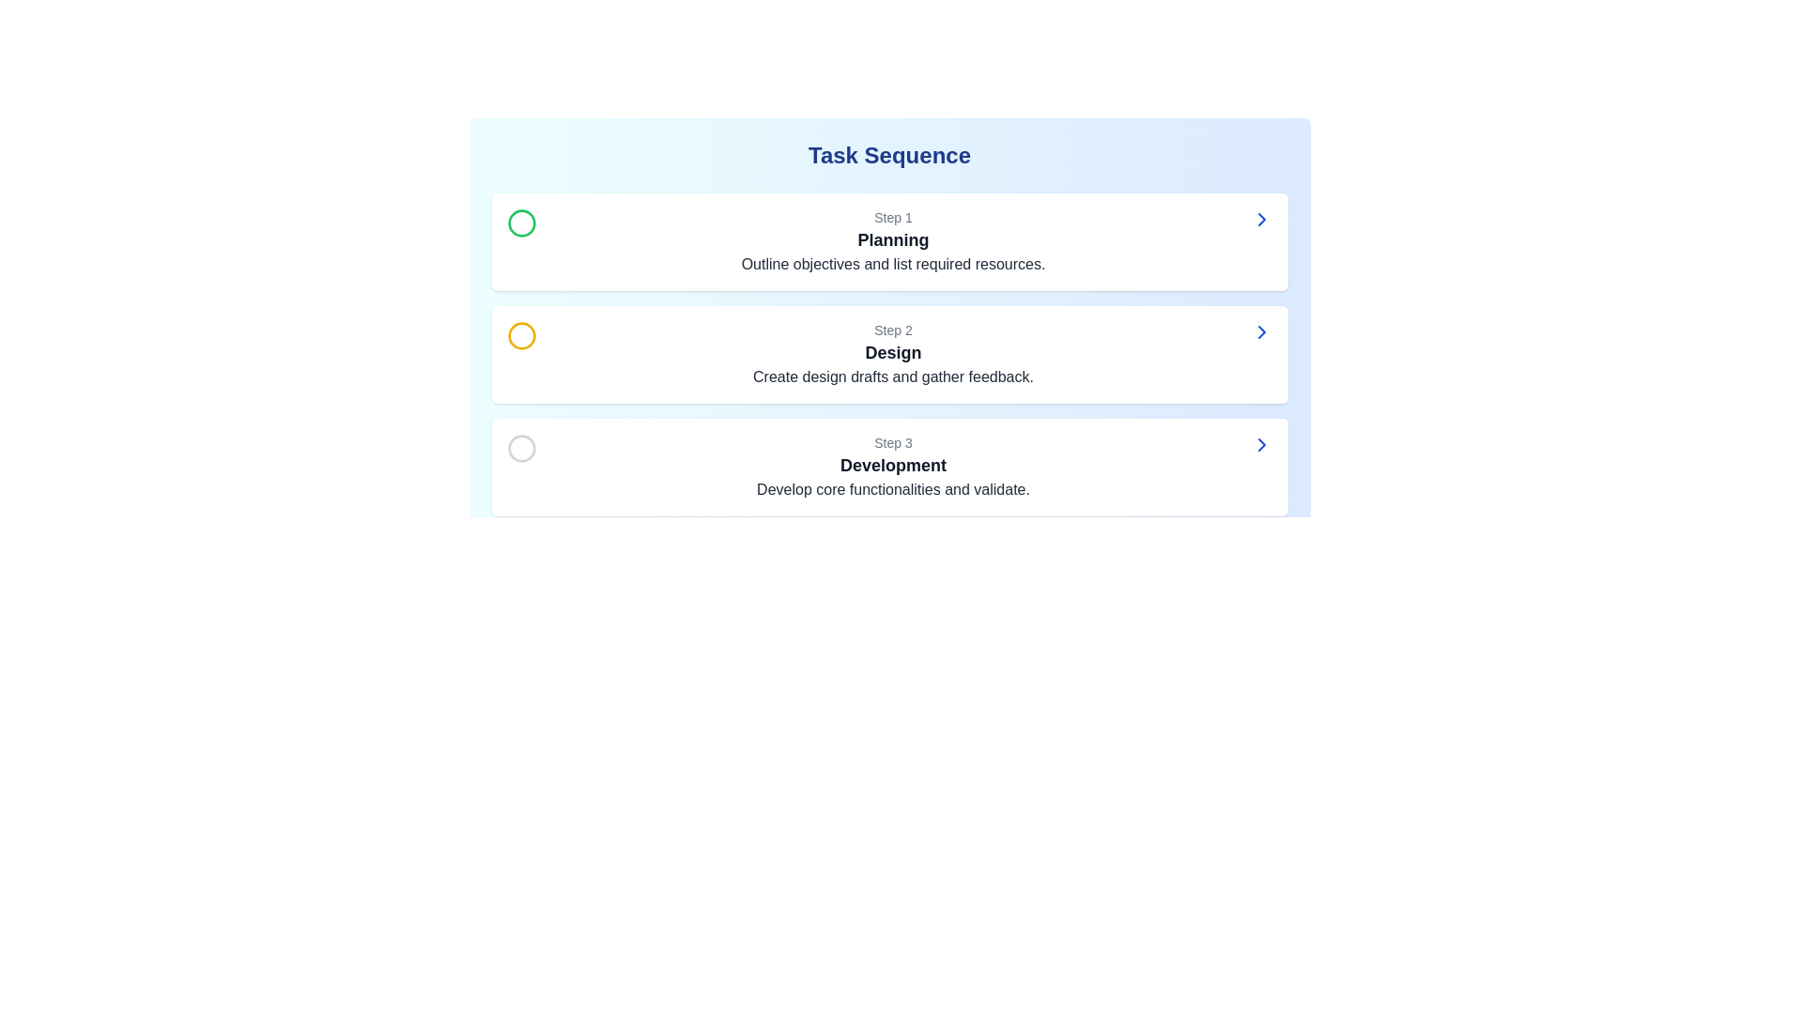 The height and width of the screenshot is (1014, 1803). I want to click on the right-pointing chevron icon located to the right of 'Step 3 Development' task in the task list interface for context or animation, so click(1261, 445).